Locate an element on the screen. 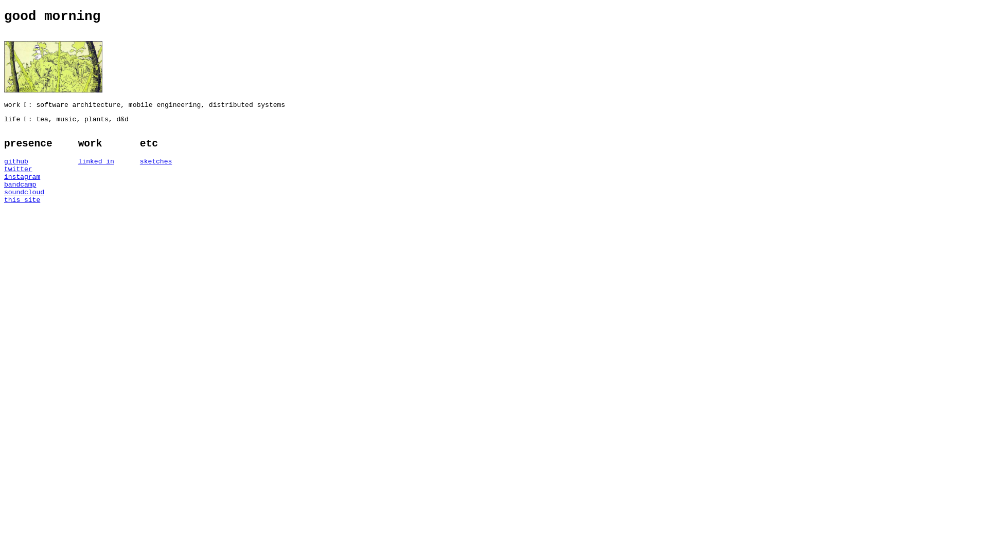 The width and height of the screenshot is (988, 555). 'sketches' is located at coordinates (155, 161).